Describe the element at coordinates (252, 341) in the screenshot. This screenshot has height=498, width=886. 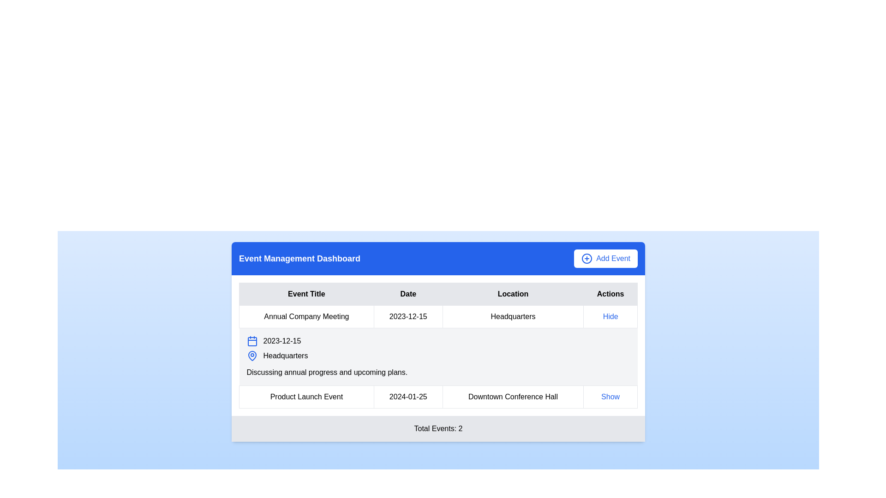
I see `the small calendar icon with blue outlines located at the beginning of the information row before the event date '2023-12-15'` at that location.